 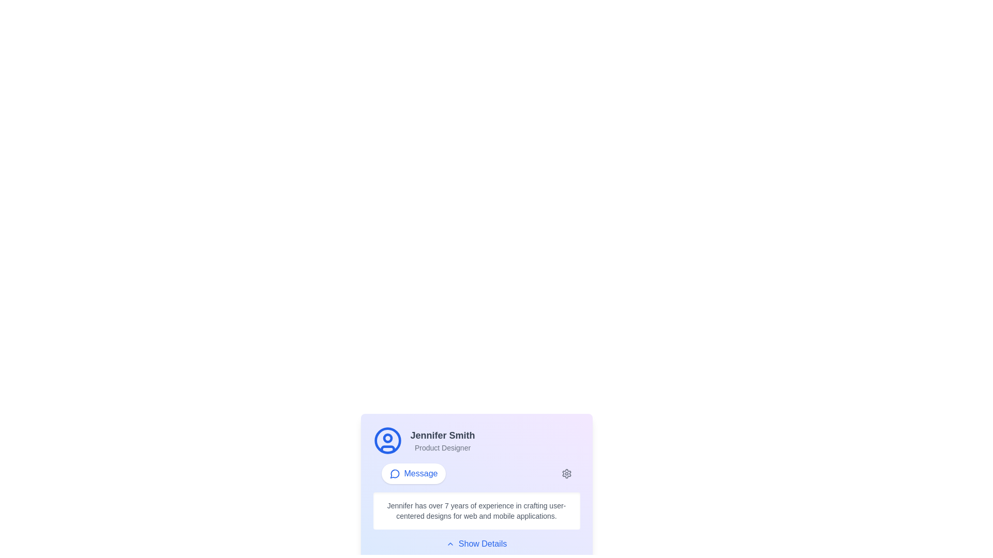 What do you see at coordinates (442, 447) in the screenshot?
I see `the text label displaying 'Product Designer', which is styled in gray and located below 'Jennifer Smith' within the card interface` at bounding box center [442, 447].